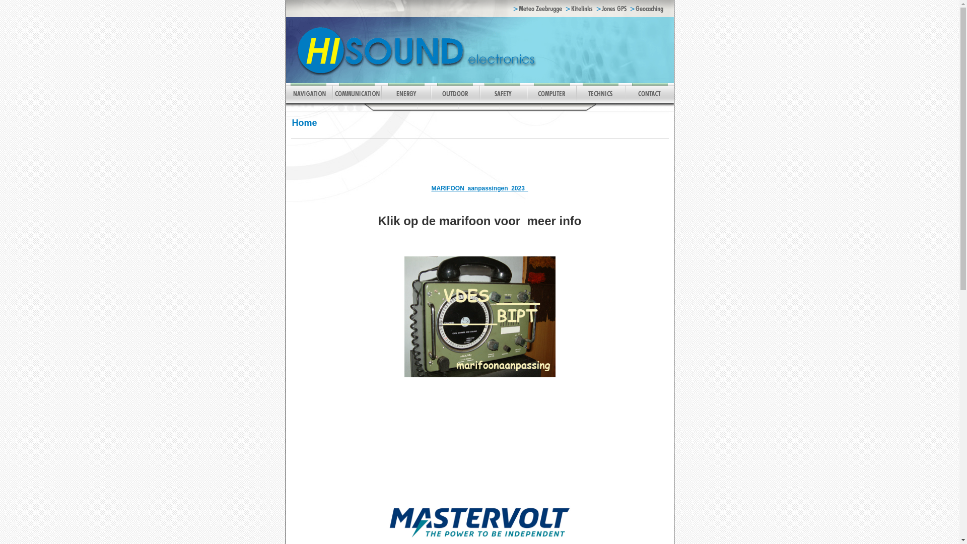 The image size is (967, 544). What do you see at coordinates (405, 101) in the screenshot?
I see `'Energy'` at bounding box center [405, 101].